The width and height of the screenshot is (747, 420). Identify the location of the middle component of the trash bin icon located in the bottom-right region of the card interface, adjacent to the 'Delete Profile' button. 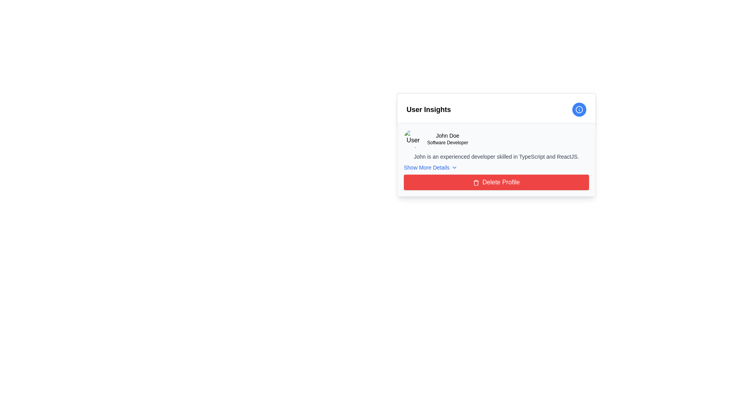
(476, 183).